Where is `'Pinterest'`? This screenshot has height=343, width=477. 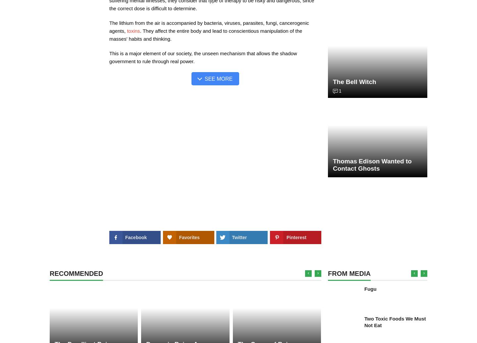 'Pinterest' is located at coordinates (295, 237).